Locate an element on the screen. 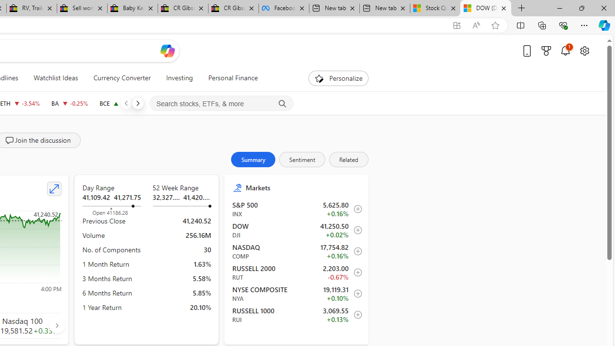 This screenshot has width=615, height=346. 'Currency Converter' is located at coordinates (122, 78).